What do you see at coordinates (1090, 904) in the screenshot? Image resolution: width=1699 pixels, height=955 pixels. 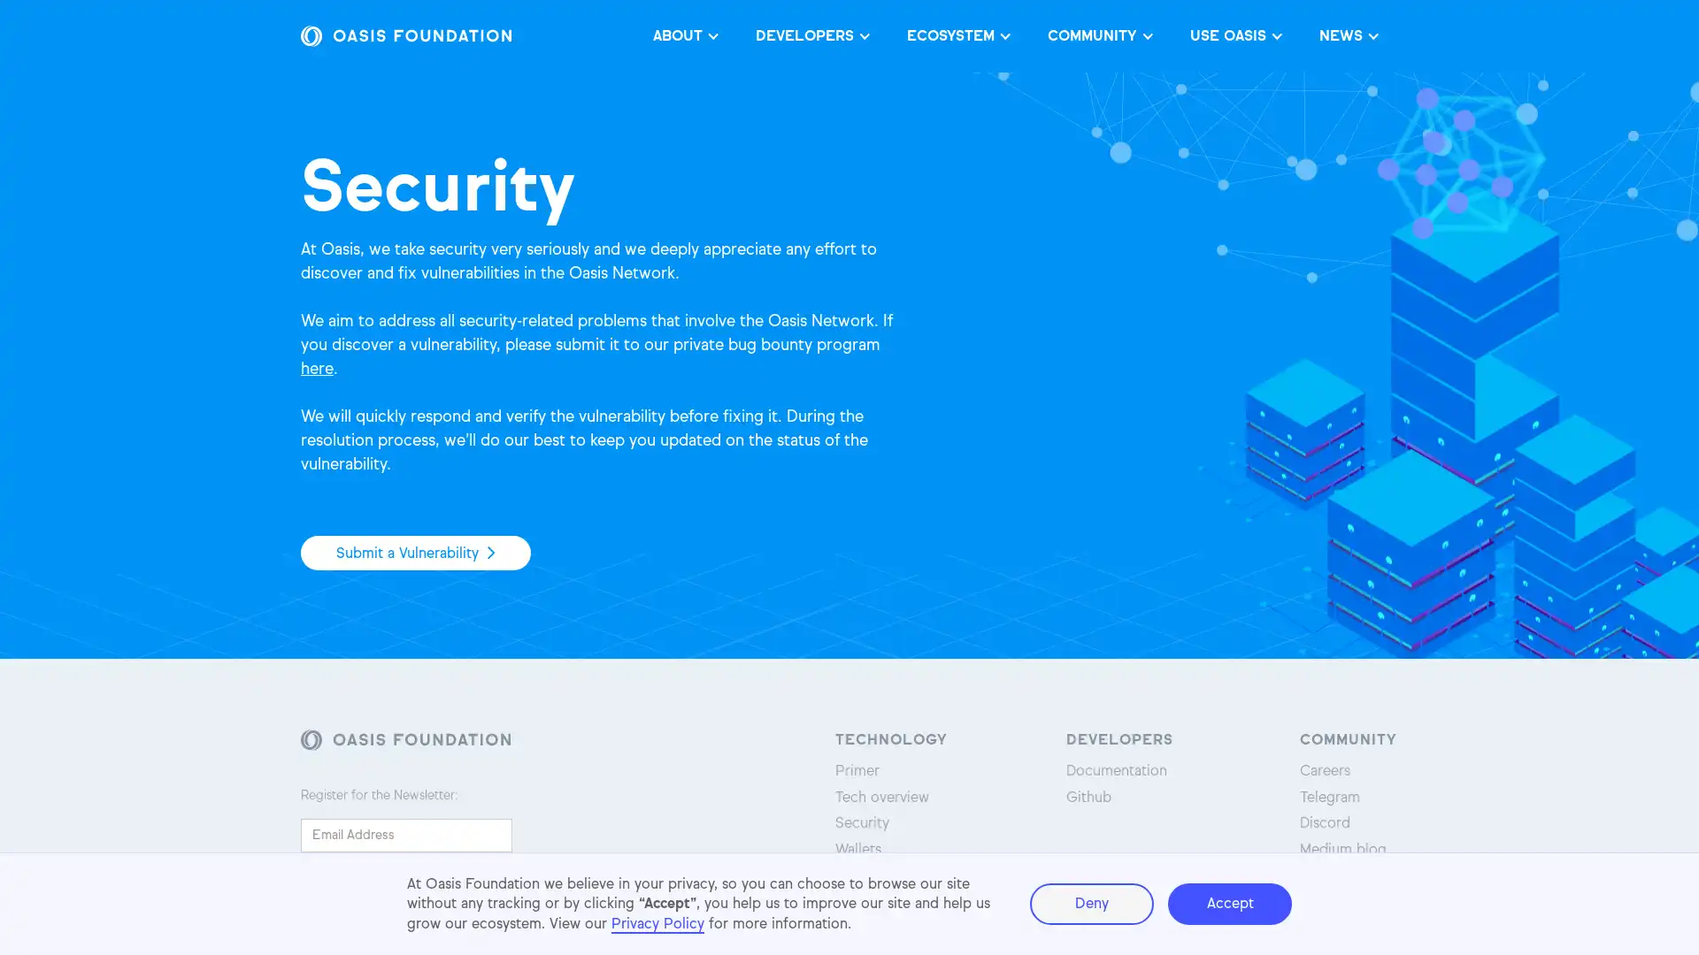 I see `Deny` at bounding box center [1090, 904].